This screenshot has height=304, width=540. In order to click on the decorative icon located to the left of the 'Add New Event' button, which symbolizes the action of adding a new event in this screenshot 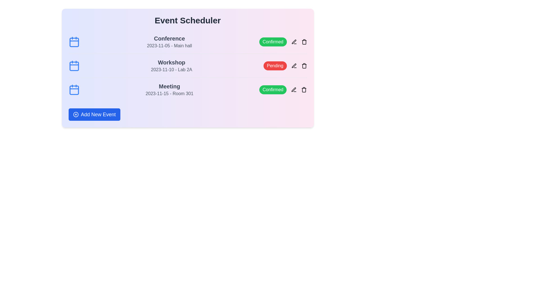, I will do `click(75, 114)`.